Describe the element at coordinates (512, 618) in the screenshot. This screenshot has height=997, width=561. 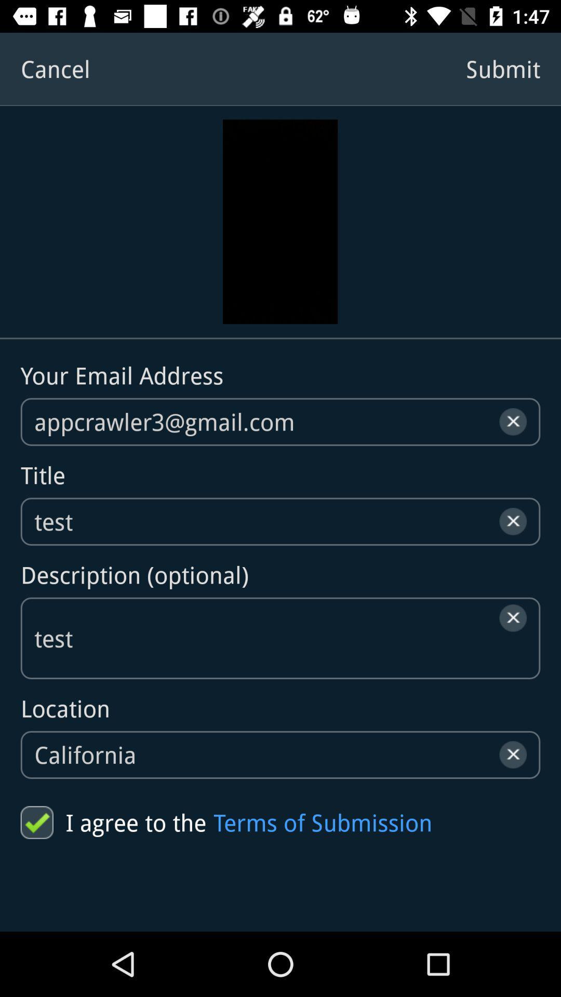
I see `the close icon` at that location.